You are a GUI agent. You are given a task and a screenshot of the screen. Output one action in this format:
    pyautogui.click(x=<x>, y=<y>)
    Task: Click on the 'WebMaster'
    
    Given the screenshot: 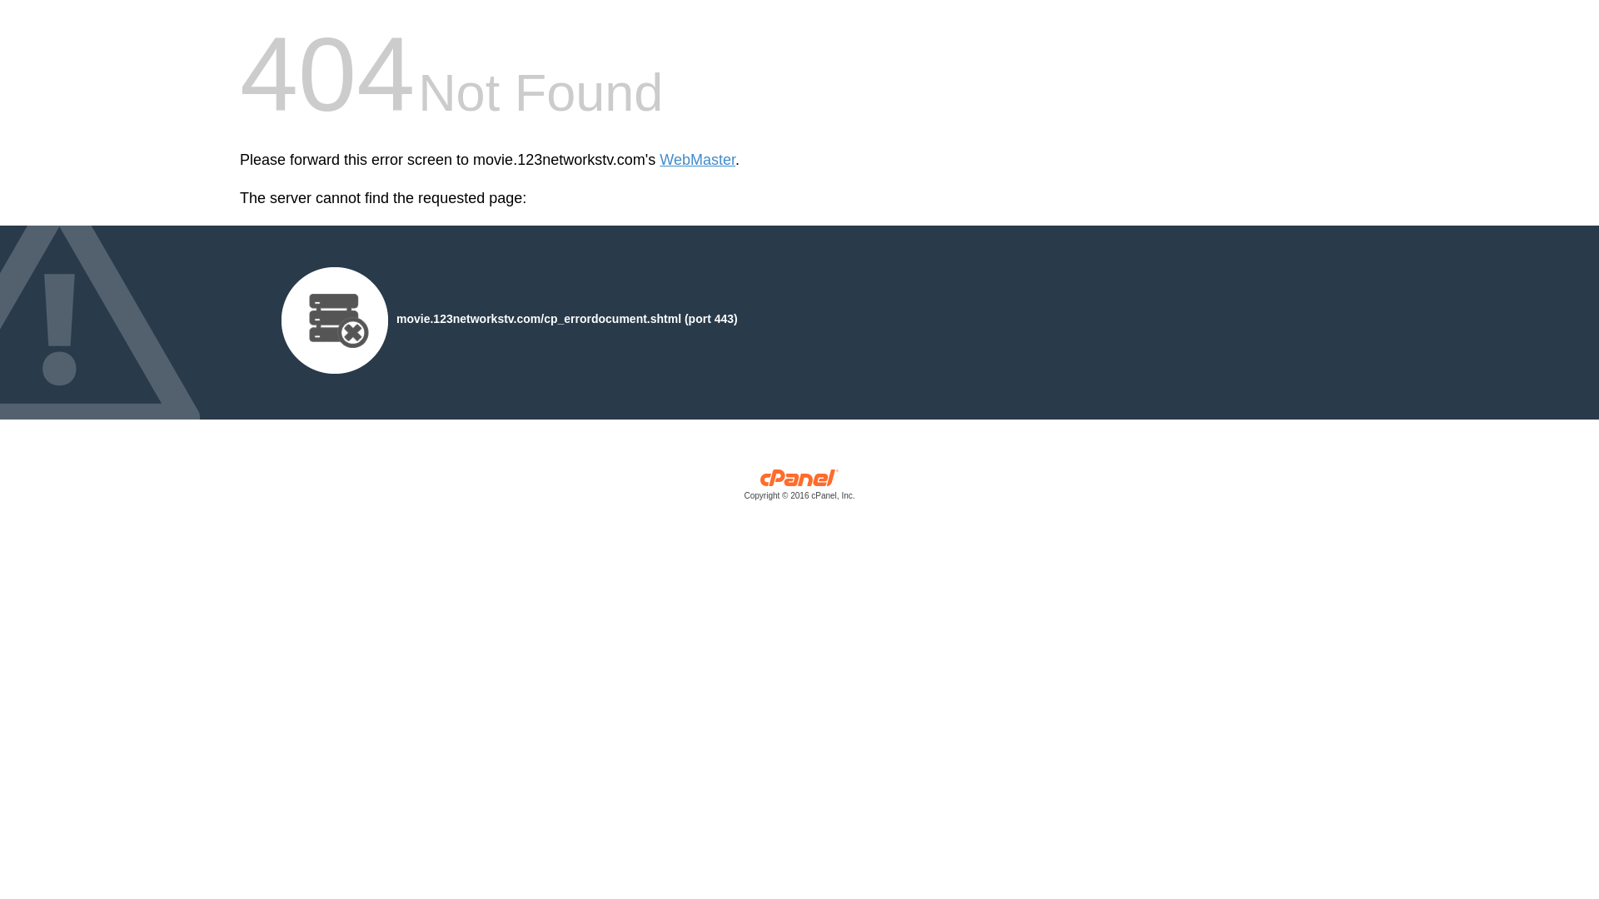 What is the action you would take?
    pyautogui.click(x=697, y=160)
    